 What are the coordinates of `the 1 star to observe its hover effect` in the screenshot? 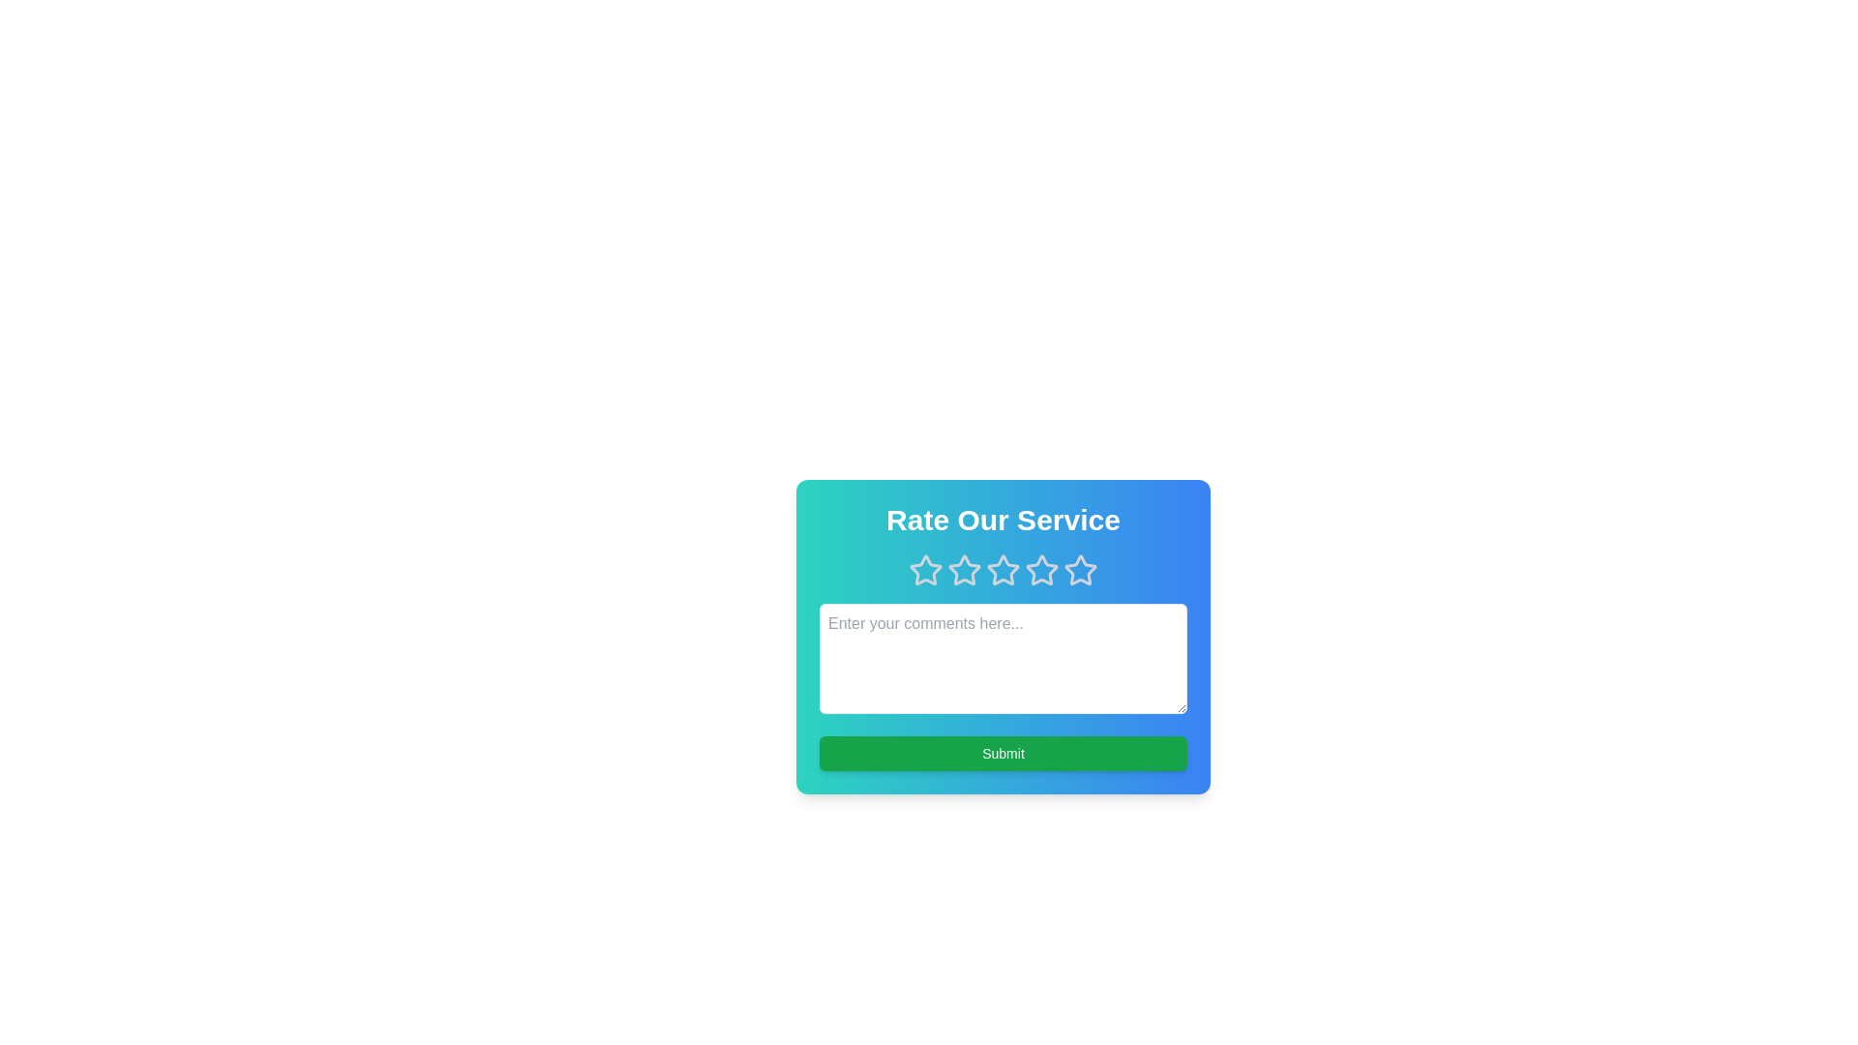 It's located at (924, 570).